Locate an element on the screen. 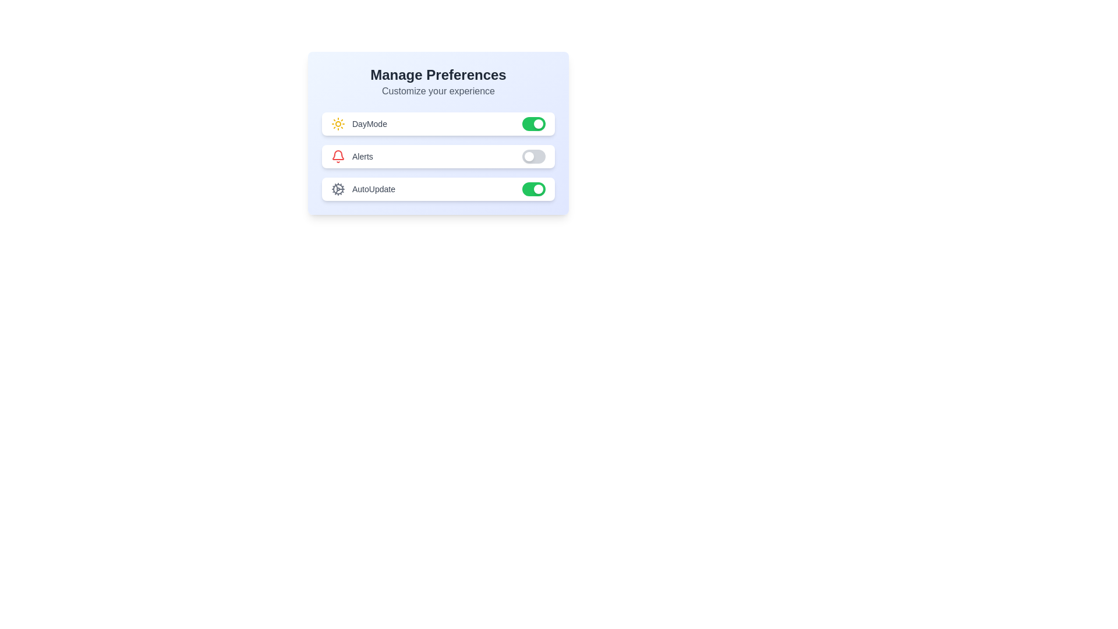 The image size is (1118, 629). the 'autoUpdate' label element, which displays the text in gray color, medium-sized, slightly bold, and is positioned next to a cogwheel icon and a toggle switch is located at coordinates (374, 188).